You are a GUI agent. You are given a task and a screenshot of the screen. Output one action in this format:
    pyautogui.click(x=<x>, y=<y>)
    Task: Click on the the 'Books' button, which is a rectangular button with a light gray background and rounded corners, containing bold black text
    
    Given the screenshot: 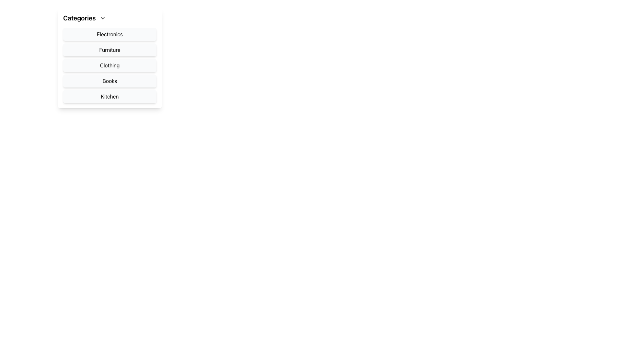 What is the action you would take?
    pyautogui.click(x=110, y=81)
    